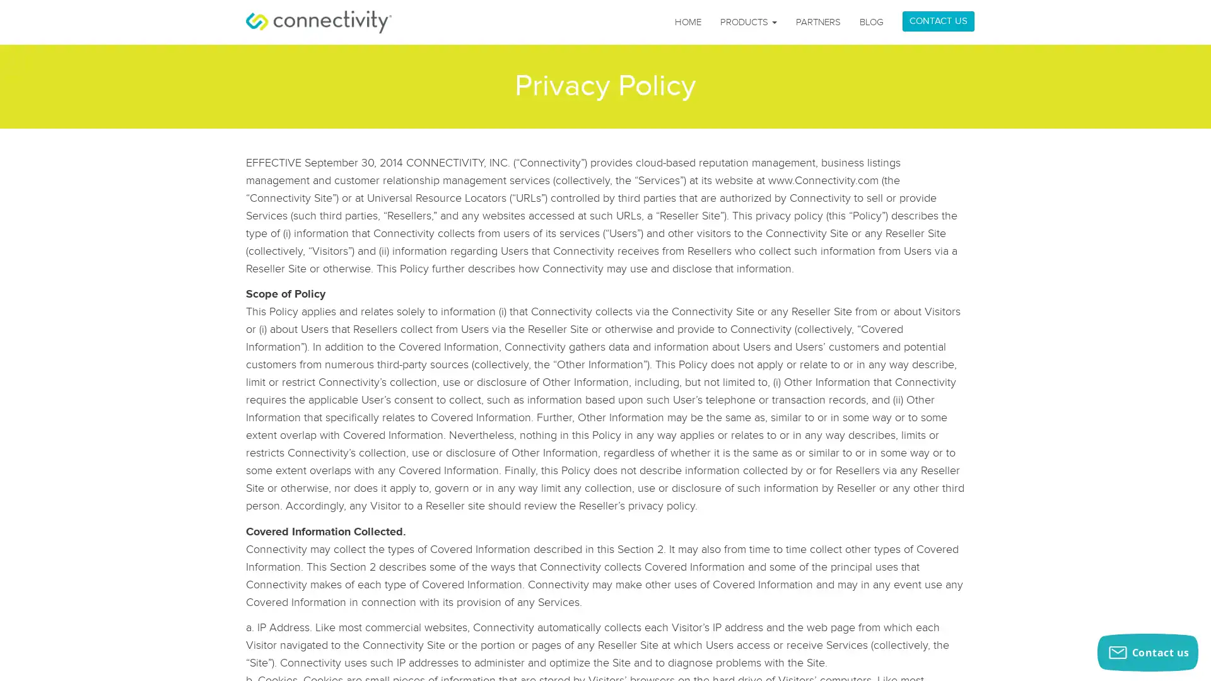  Describe the element at coordinates (1147, 652) in the screenshot. I see `Contact us` at that location.